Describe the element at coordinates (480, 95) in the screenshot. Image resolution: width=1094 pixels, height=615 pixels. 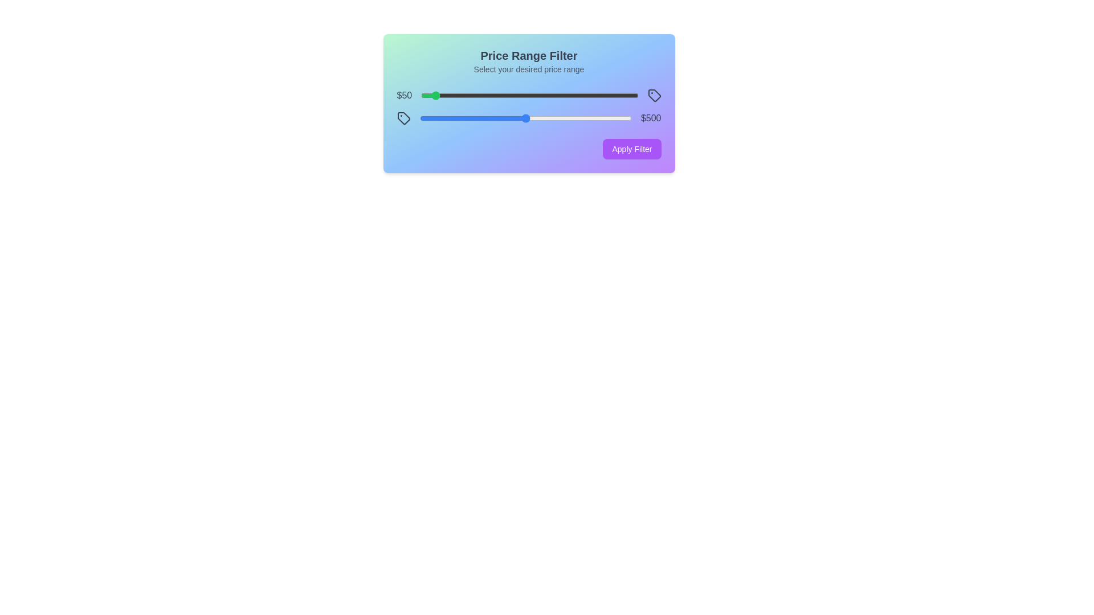
I see `the minimum price slider to 272` at that location.